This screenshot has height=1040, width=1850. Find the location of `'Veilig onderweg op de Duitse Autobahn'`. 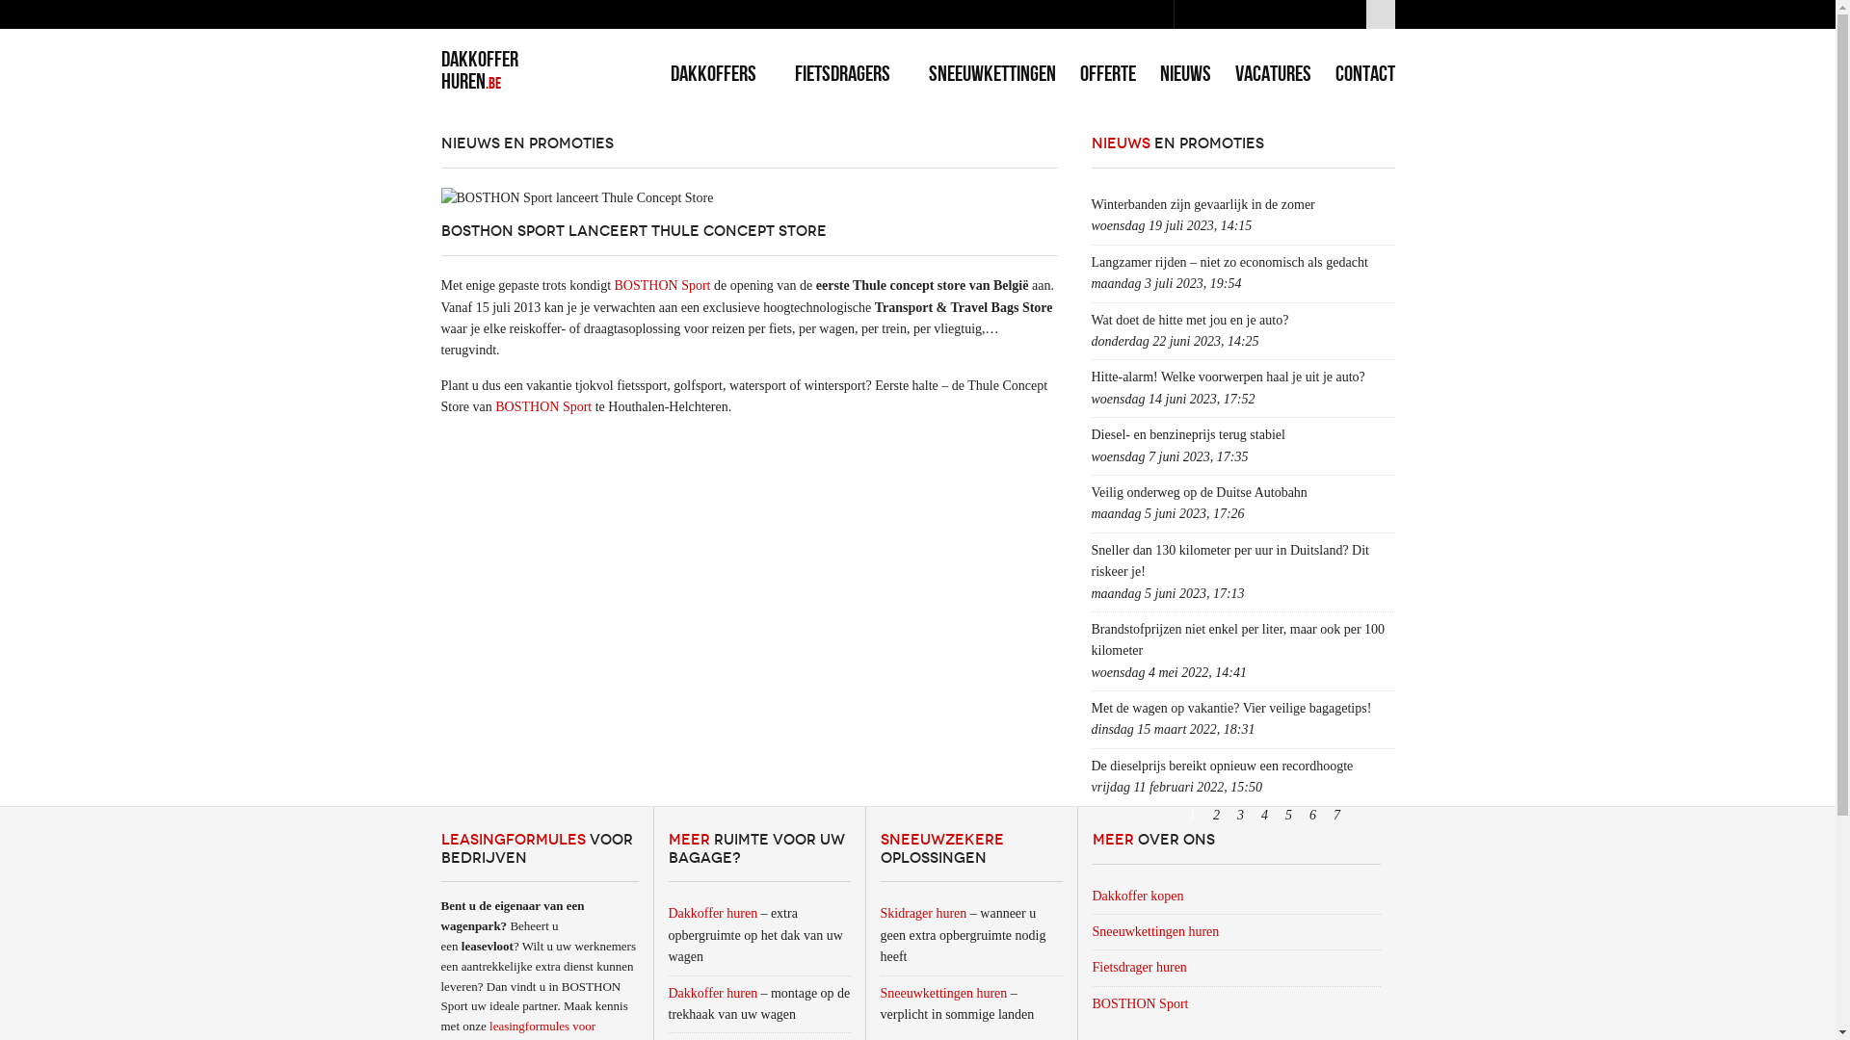

'Veilig onderweg op de Duitse Autobahn' is located at coordinates (1197, 491).